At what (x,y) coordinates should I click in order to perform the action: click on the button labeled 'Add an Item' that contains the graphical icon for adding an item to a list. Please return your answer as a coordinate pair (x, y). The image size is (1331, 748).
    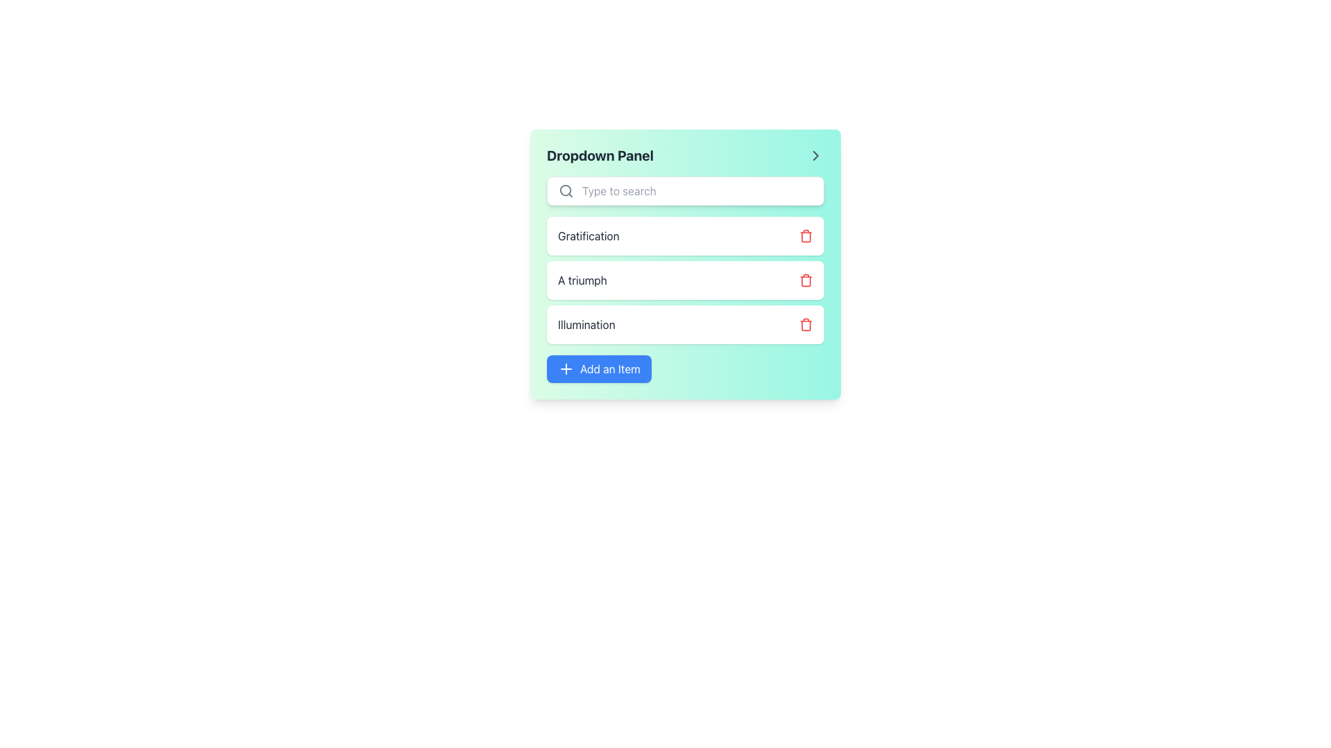
    Looking at the image, I should click on (566, 368).